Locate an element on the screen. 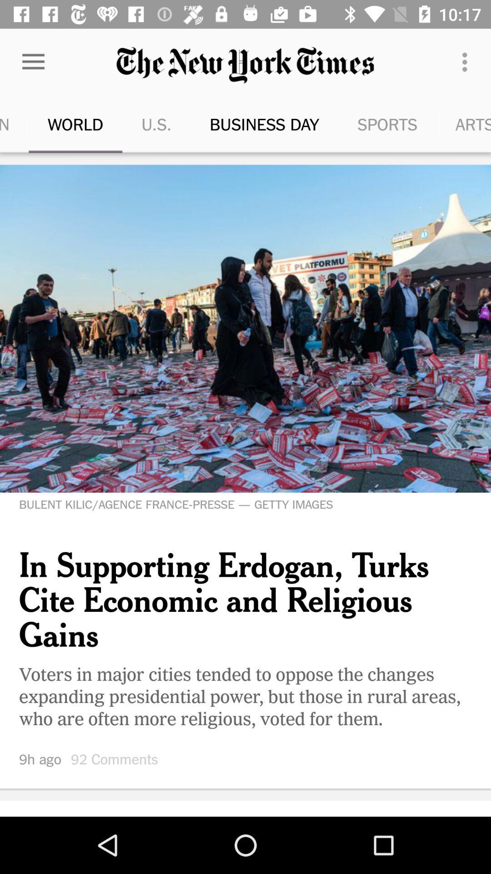 The height and width of the screenshot is (874, 491). the item to the right of business day item is located at coordinates (364, 124).